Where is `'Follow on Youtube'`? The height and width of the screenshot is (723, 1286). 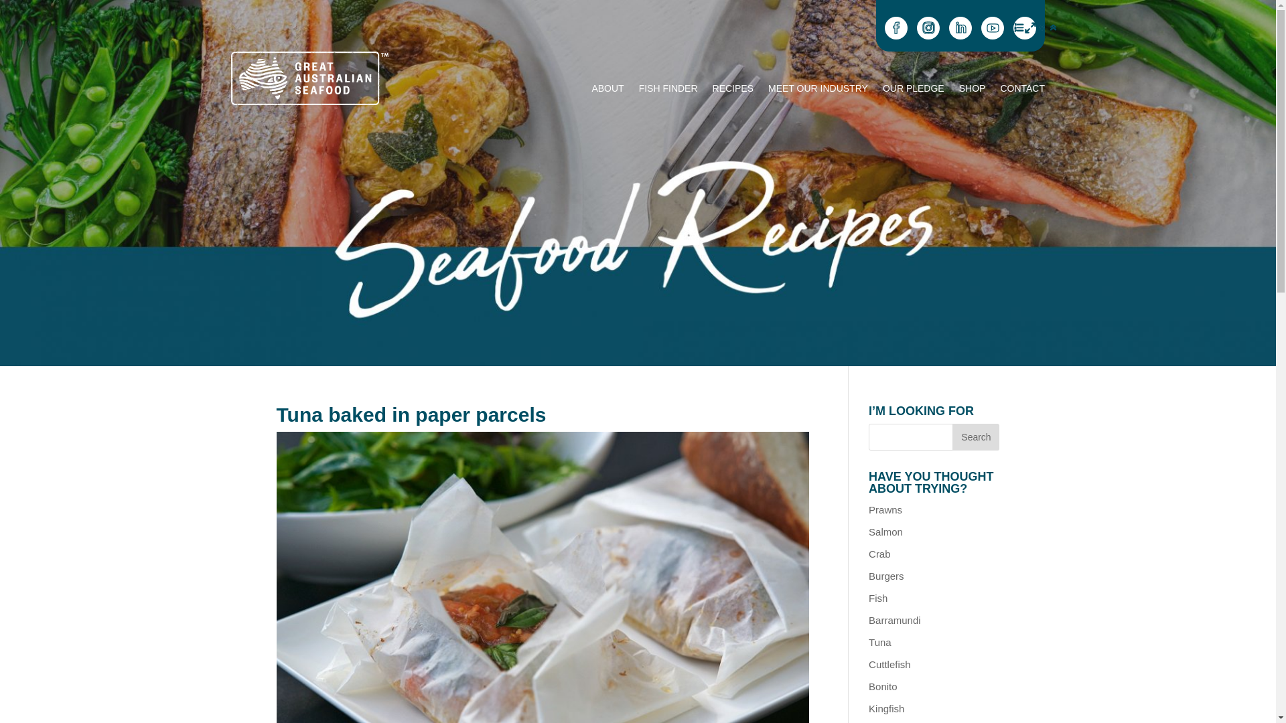 'Follow on Youtube' is located at coordinates (993, 28).